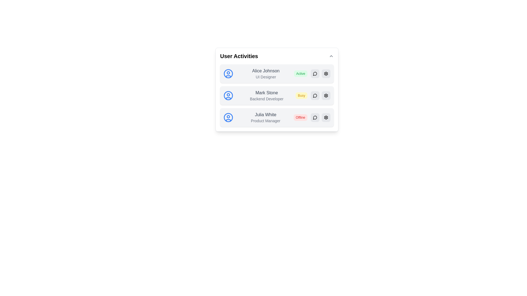 This screenshot has width=527, height=296. What do you see at coordinates (277, 95) in the screenshot?
I see `the user name 'Mark Stone' in the user profile card` at bounding box center [277, 95].